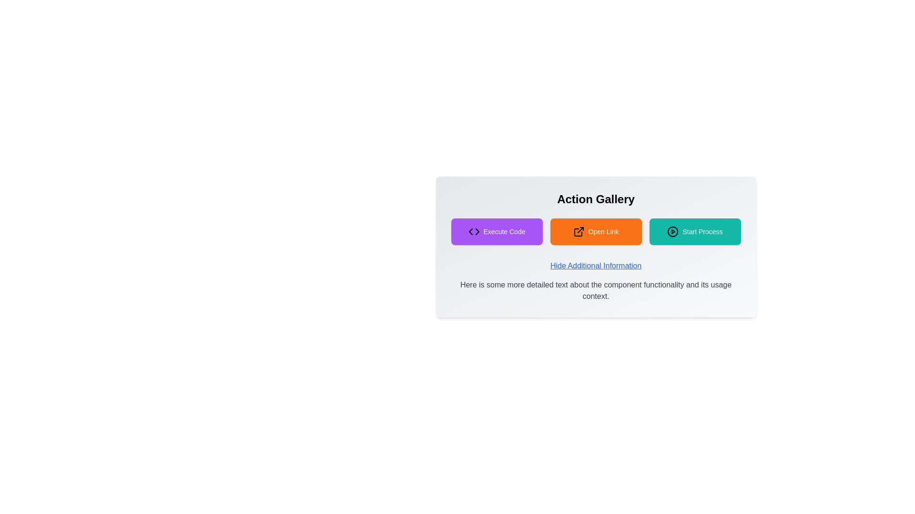 This screenshot has height=514, width=915. What do you see at coordinates (702, 231) in the screenshot?
I see `the Text label that provides context for the 'Start Process' button, located adjacent to a play symbol icon in the 'Action Gallery' interface` at bounding box center [702, 231].